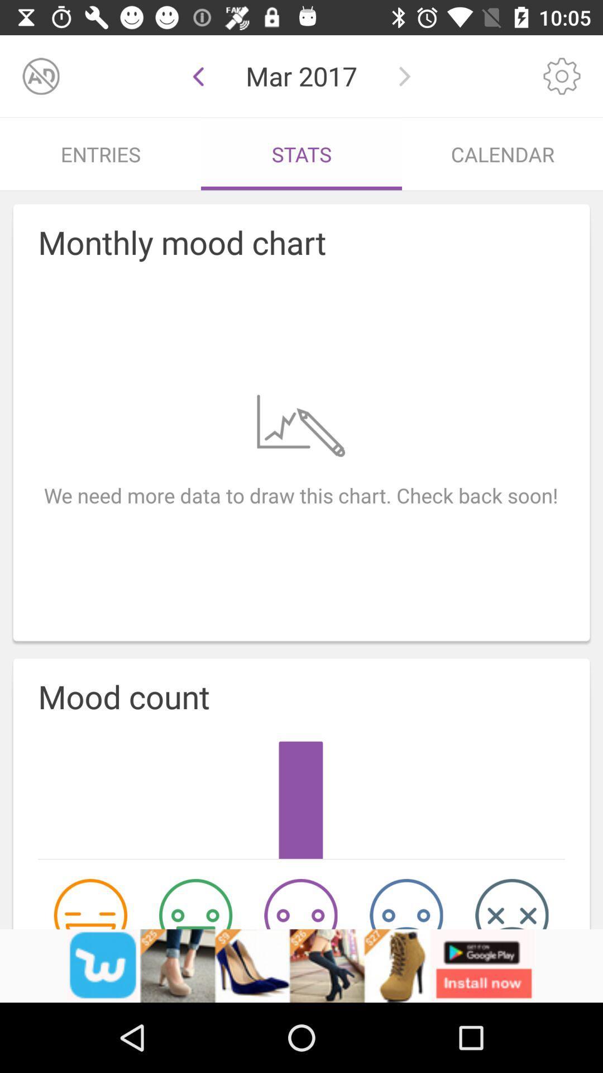  What do you see at coordinates (301, 965) in the screenshot?
I see `the option` at bounding box center [301, 965].